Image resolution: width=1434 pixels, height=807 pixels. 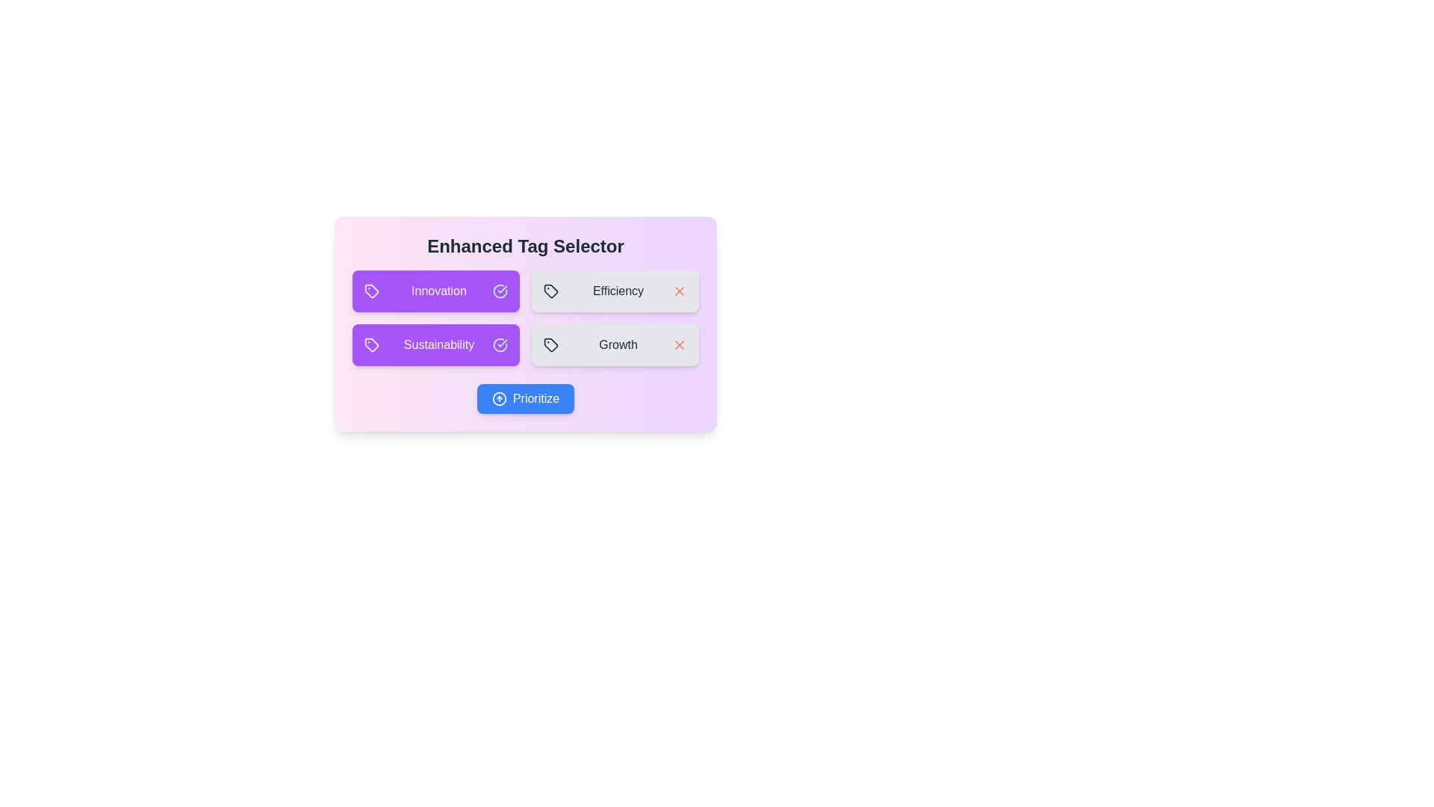 I want to click on the tag Innovation, so click(x=435, y=291).